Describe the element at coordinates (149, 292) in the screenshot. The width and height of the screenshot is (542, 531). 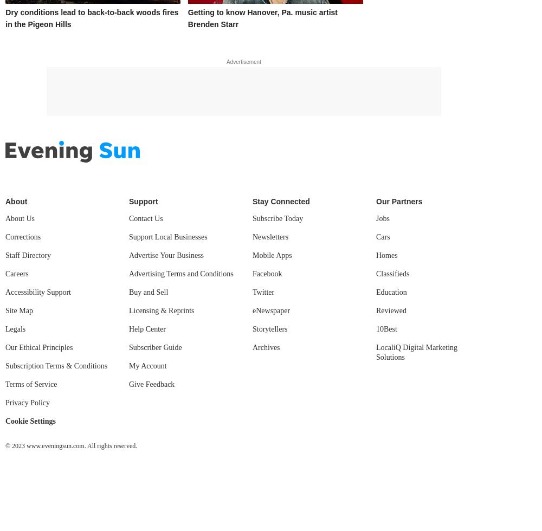
I see `'Buy and Sell'` at that location.